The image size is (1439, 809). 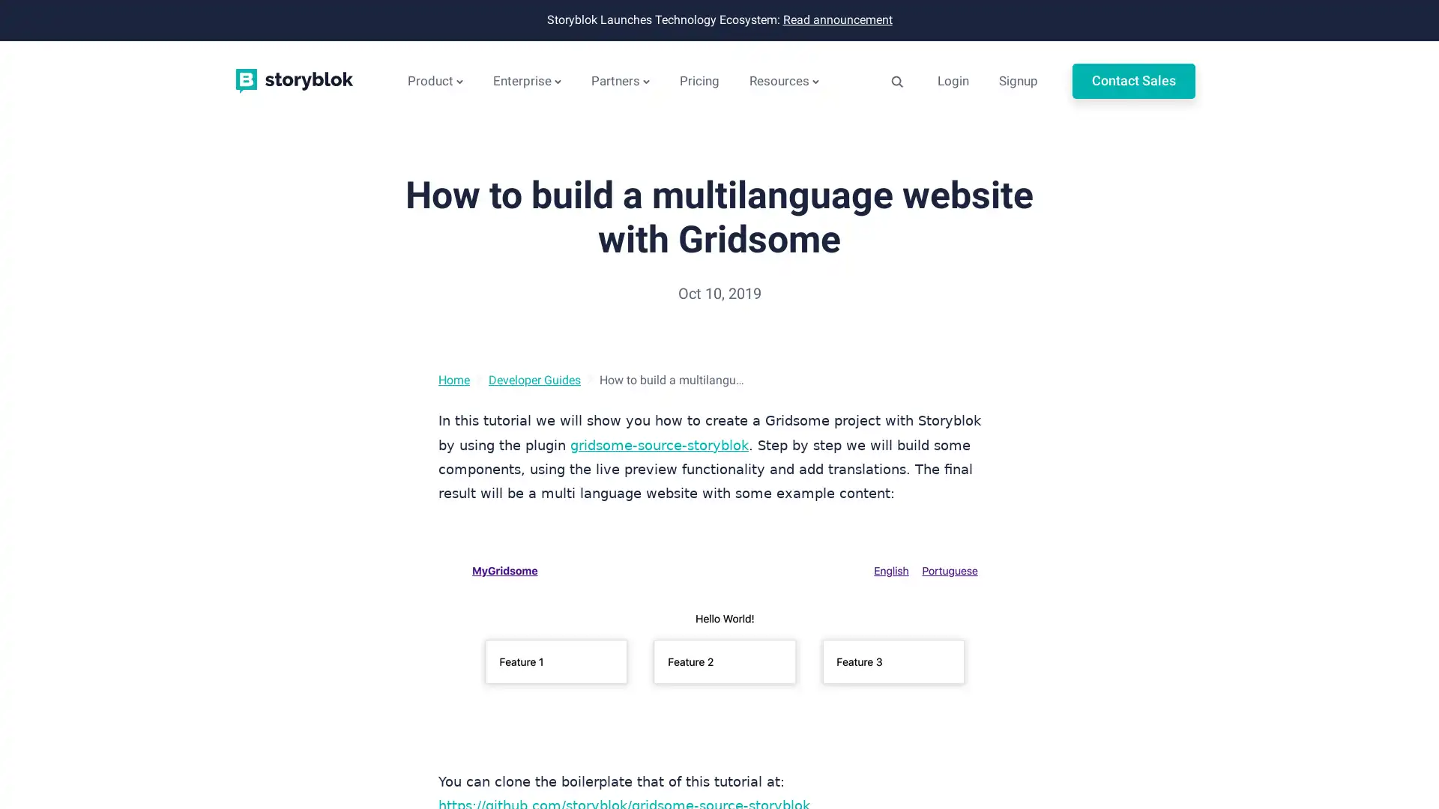 I want to click on Enterprise, so click(x=527, y=81).